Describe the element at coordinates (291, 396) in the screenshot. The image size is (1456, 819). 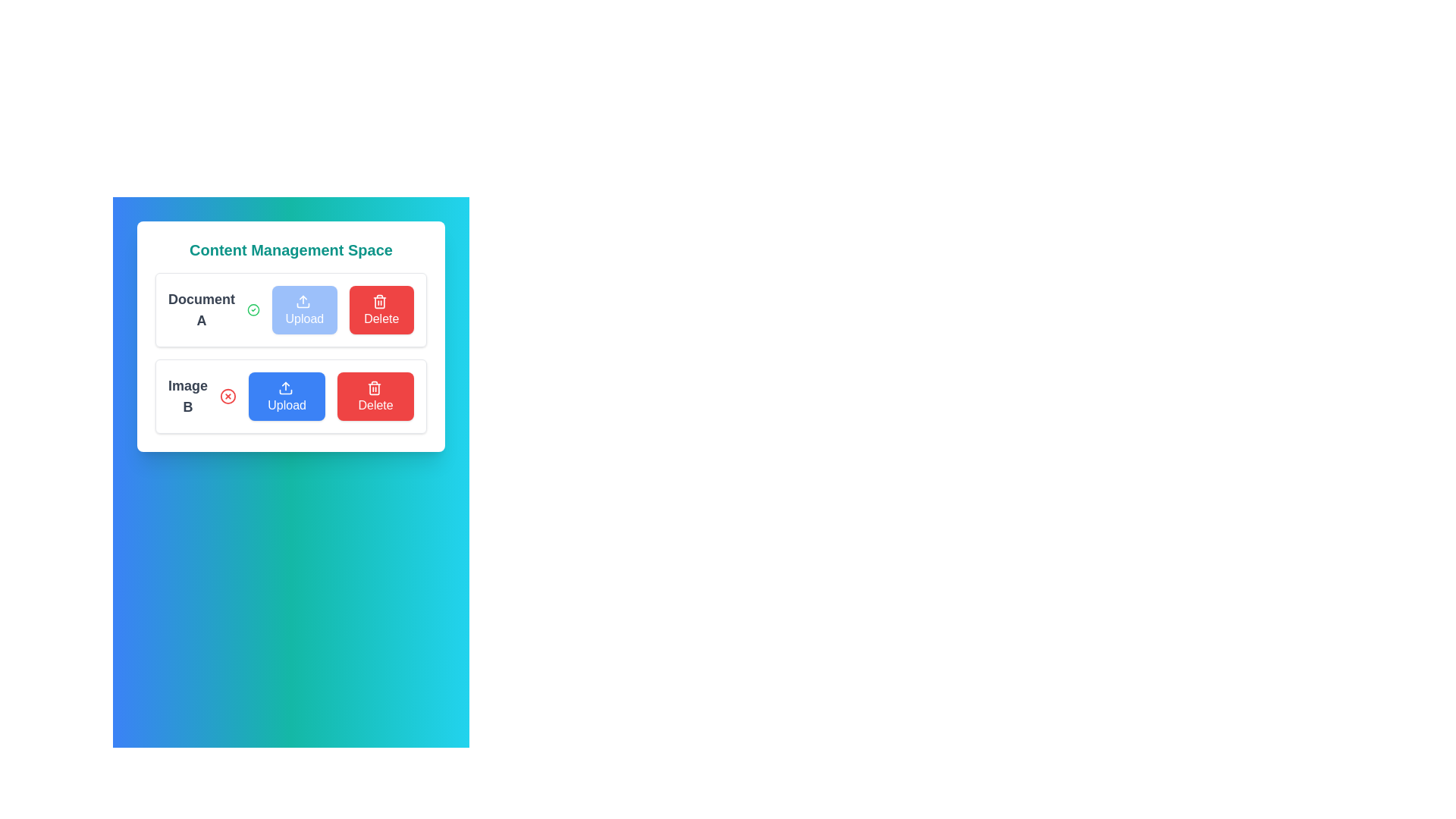
I see `the buttons in the Control row for content management` at that location.